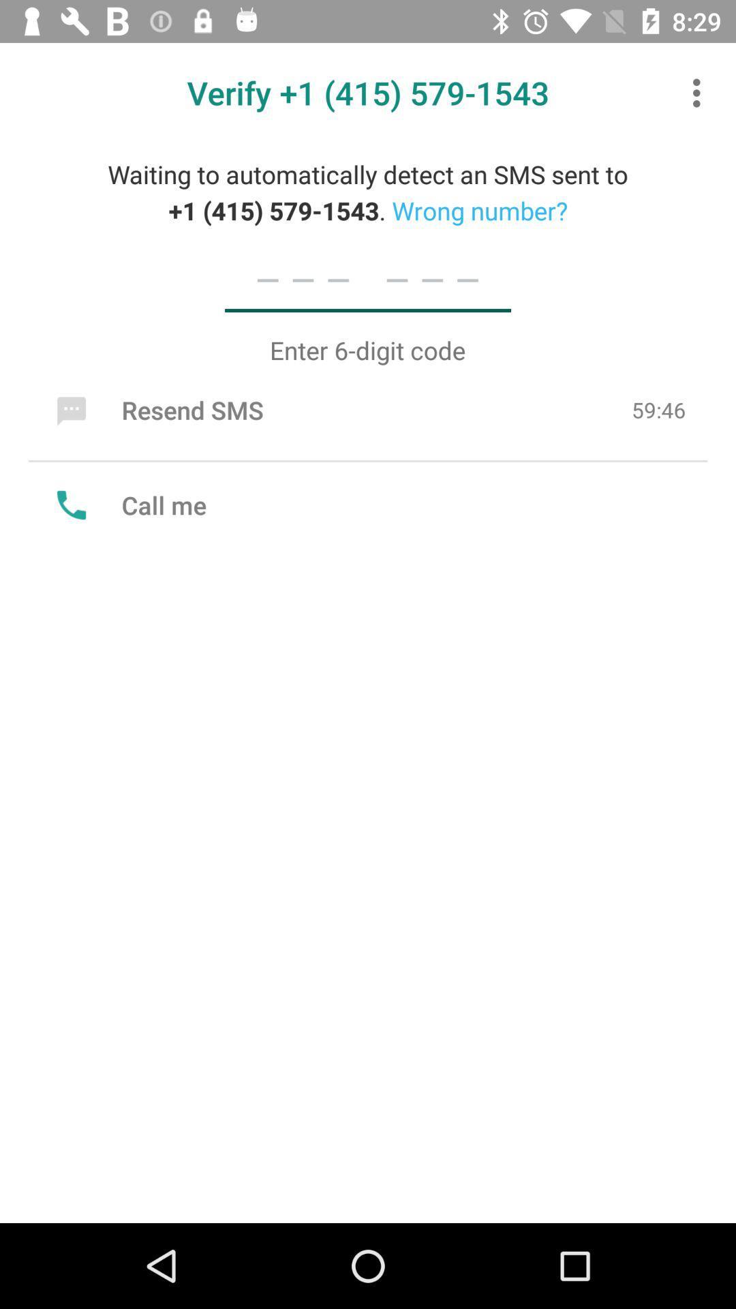 This screenshot has height=1309, width=736. I want to click on the icon to the right of the verify 1 415 icon, so click(700, 92).